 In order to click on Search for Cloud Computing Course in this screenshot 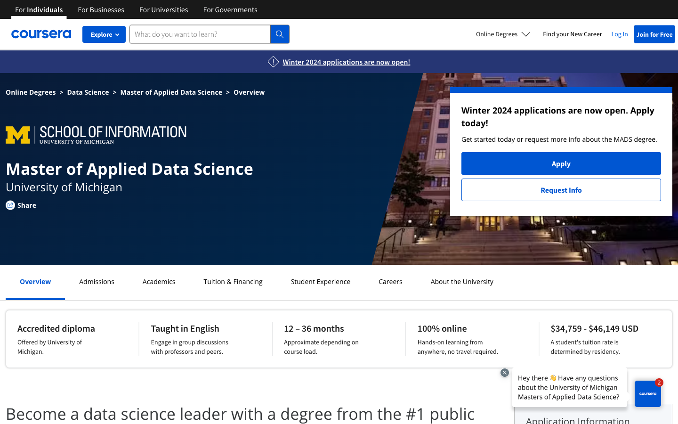, I will do `click(320, 281)`.